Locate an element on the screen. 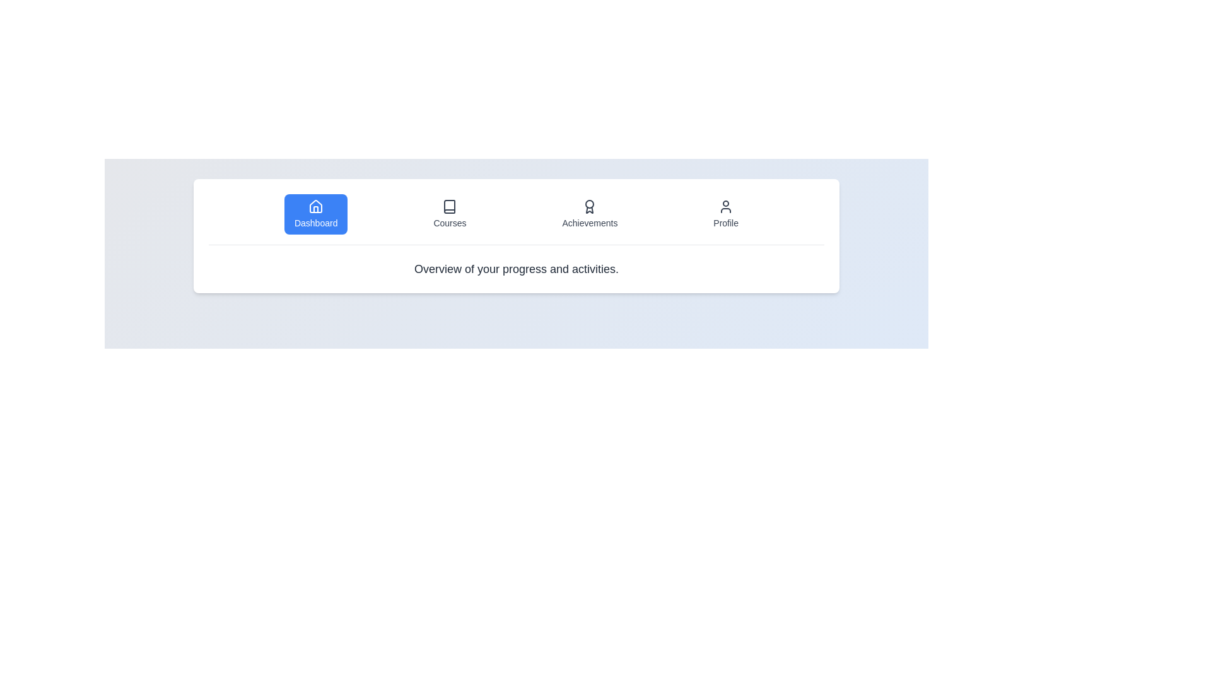 The height and width of the screenshot is (681, 1211). the 'Achievements' text label located in the third navigation item of the top bar menu by moving the cursor to its center point is located at coordinates (589, 223).